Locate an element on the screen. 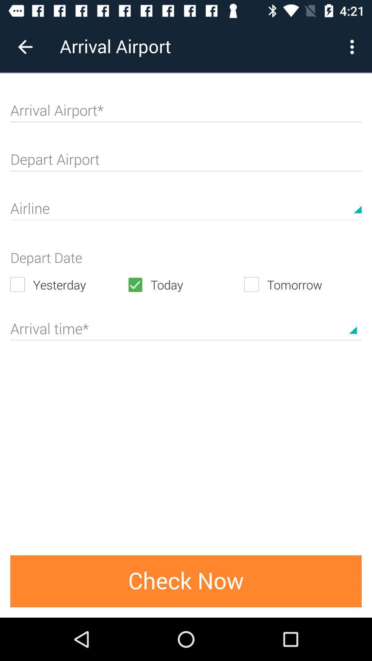 Image resolution: width=372 pixels, height=661 pixels. item to the left of the tomorrow is located at coordinates (185, 284).